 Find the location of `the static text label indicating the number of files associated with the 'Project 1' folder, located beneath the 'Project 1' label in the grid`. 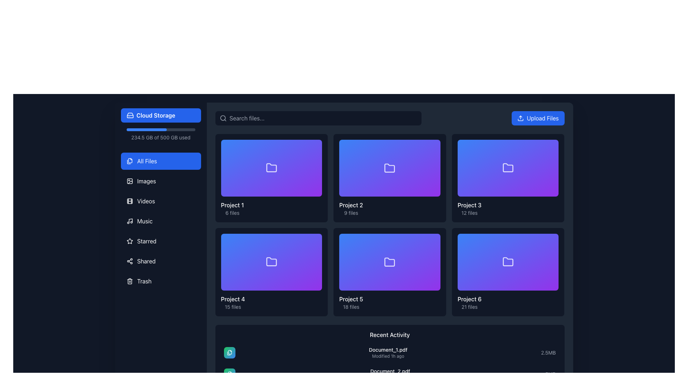

the static text label indicating the number of files associated with the 'Project 1' folder, located beneath the 'Project 1' label in the grid is located at coordinates (232, 212).